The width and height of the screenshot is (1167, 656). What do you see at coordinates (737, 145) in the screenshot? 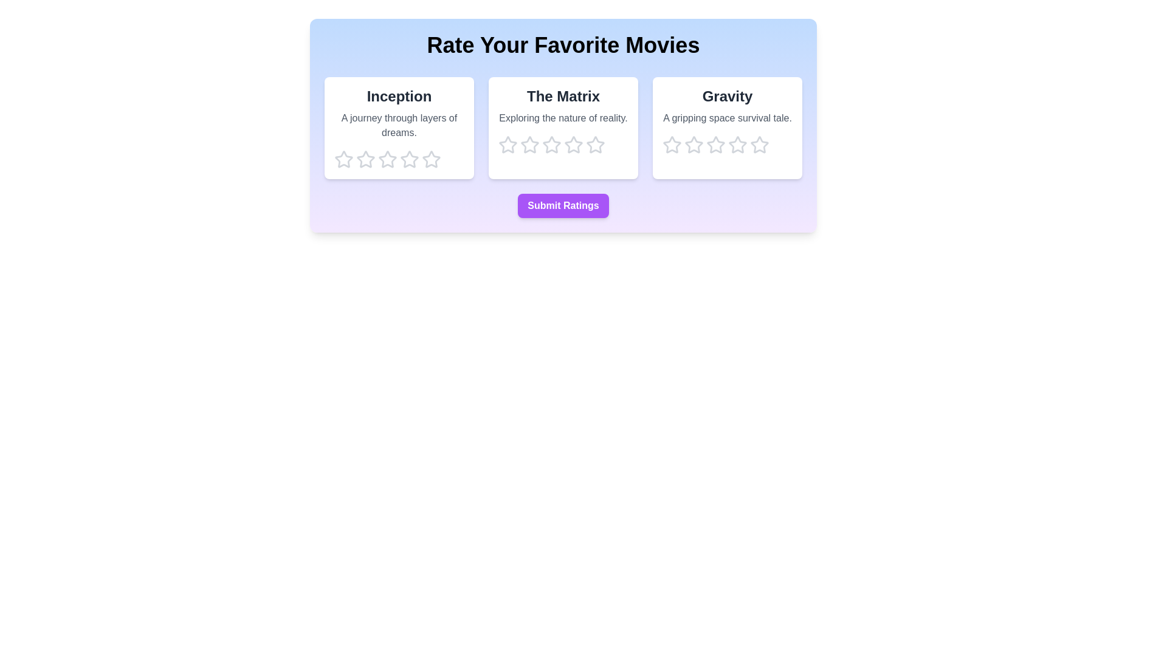
I see `the star corresponding to 4 for the movie Gravity` at bounding box center [737, 145].